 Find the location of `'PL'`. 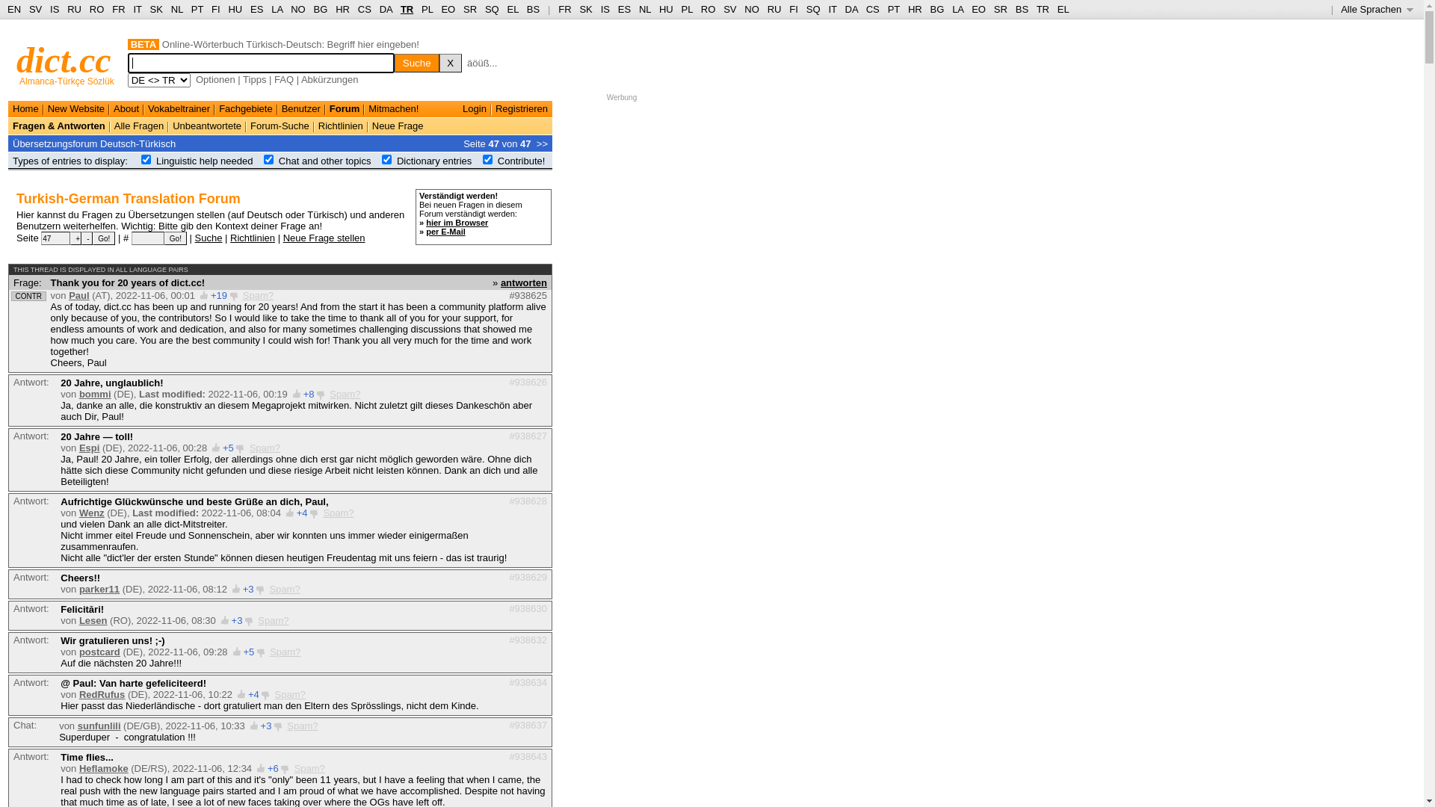

'PL' is located at coordinates (681, 9).